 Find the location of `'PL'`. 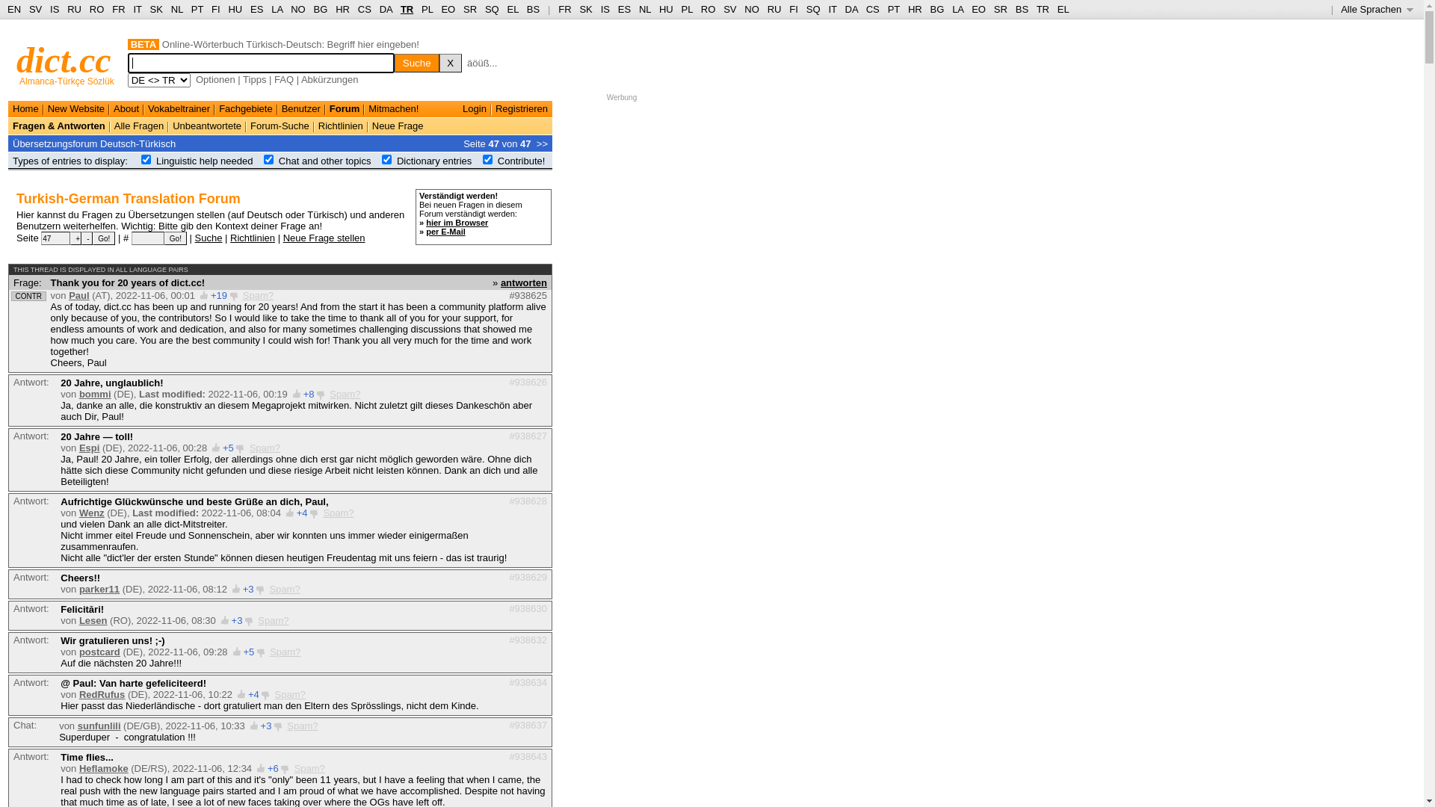

'PL' is located at coordinates (681, 9).